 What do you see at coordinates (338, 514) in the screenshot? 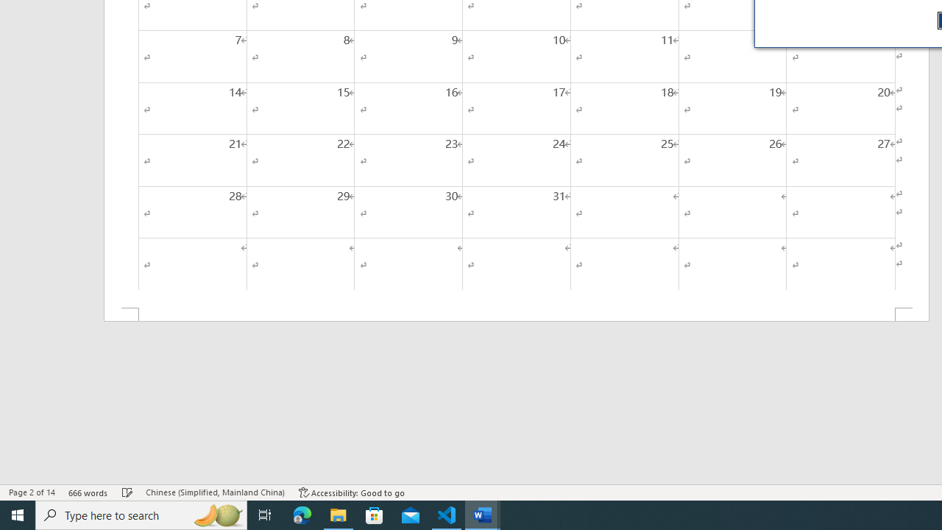
I see `'File Explorer - 1 running window'` at bounding box center [338, 514].